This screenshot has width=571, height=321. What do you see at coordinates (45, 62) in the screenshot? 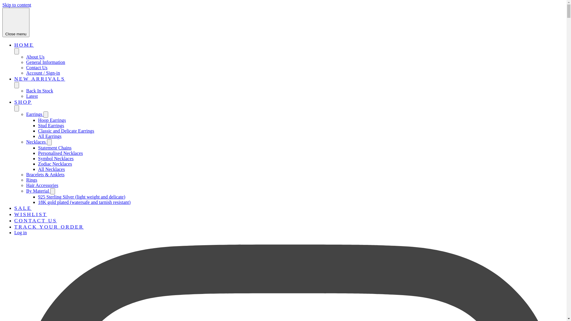
I see `'General Information'` at bounding box center [45, 62].